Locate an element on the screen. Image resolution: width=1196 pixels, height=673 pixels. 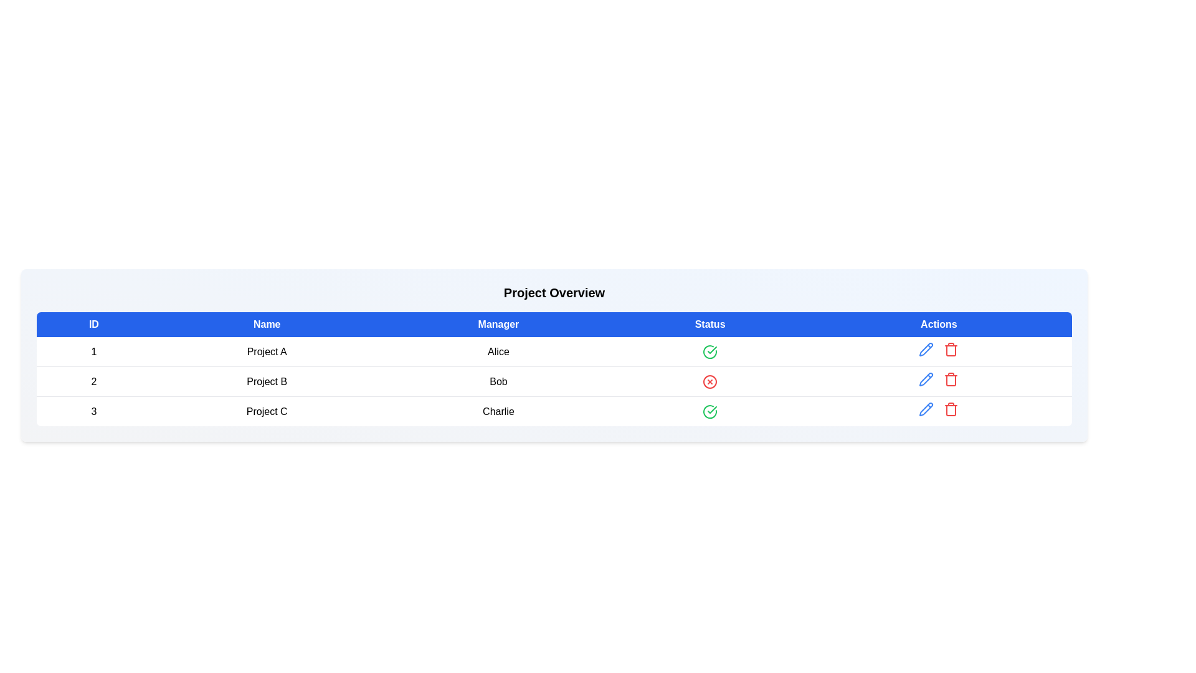
the circular green icon with a white checkmark inside, located in the 'Status' column of the third row in the table is located at coordinates (710, 351).